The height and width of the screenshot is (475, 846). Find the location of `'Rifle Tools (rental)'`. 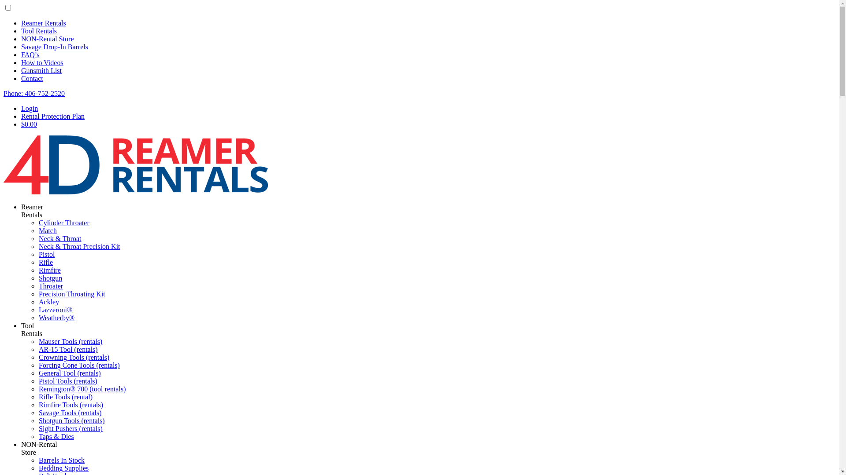

'Rifle Tools (rental)' is located at coordinates (65, 397).